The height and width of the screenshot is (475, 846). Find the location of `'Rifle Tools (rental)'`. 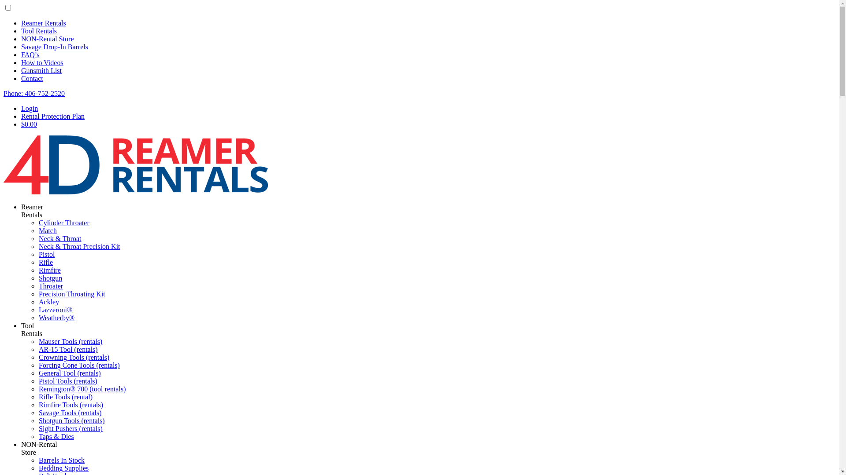

'Rifle Tools (rental)' is located at coordinates (65, 397).